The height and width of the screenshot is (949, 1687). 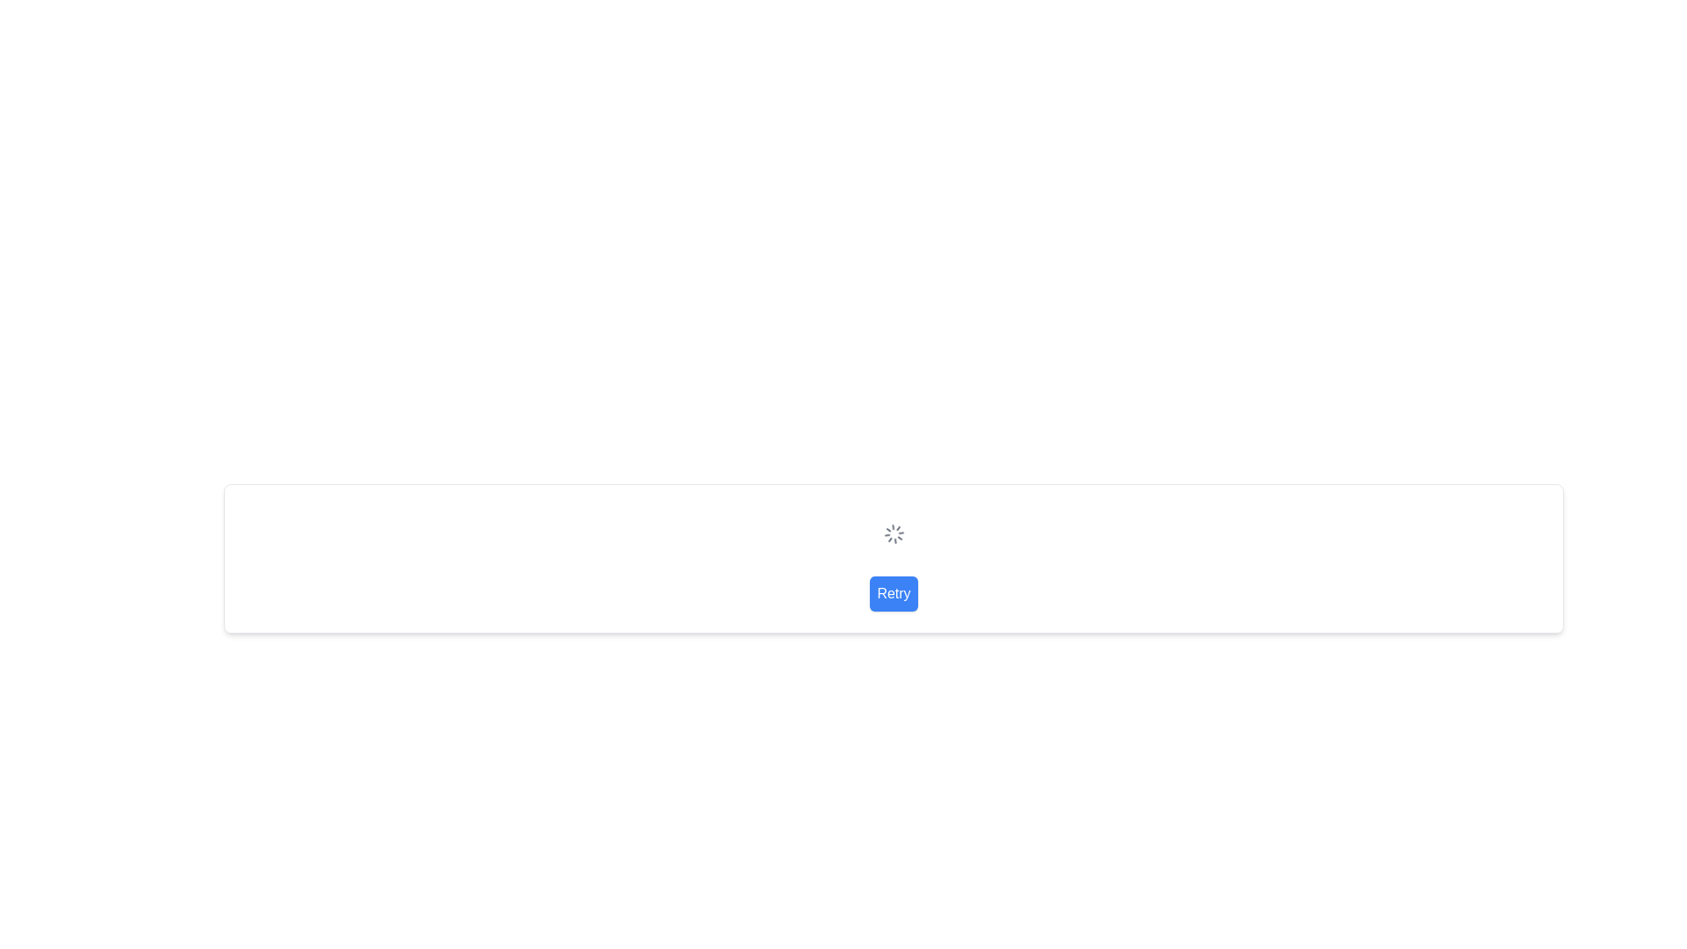 What do you see at coordinates (894, 533) in the screenshot?
I see `the spinning loader icon which is centrally aligned above the 'Retry' button` at bounding box center [894, 533].